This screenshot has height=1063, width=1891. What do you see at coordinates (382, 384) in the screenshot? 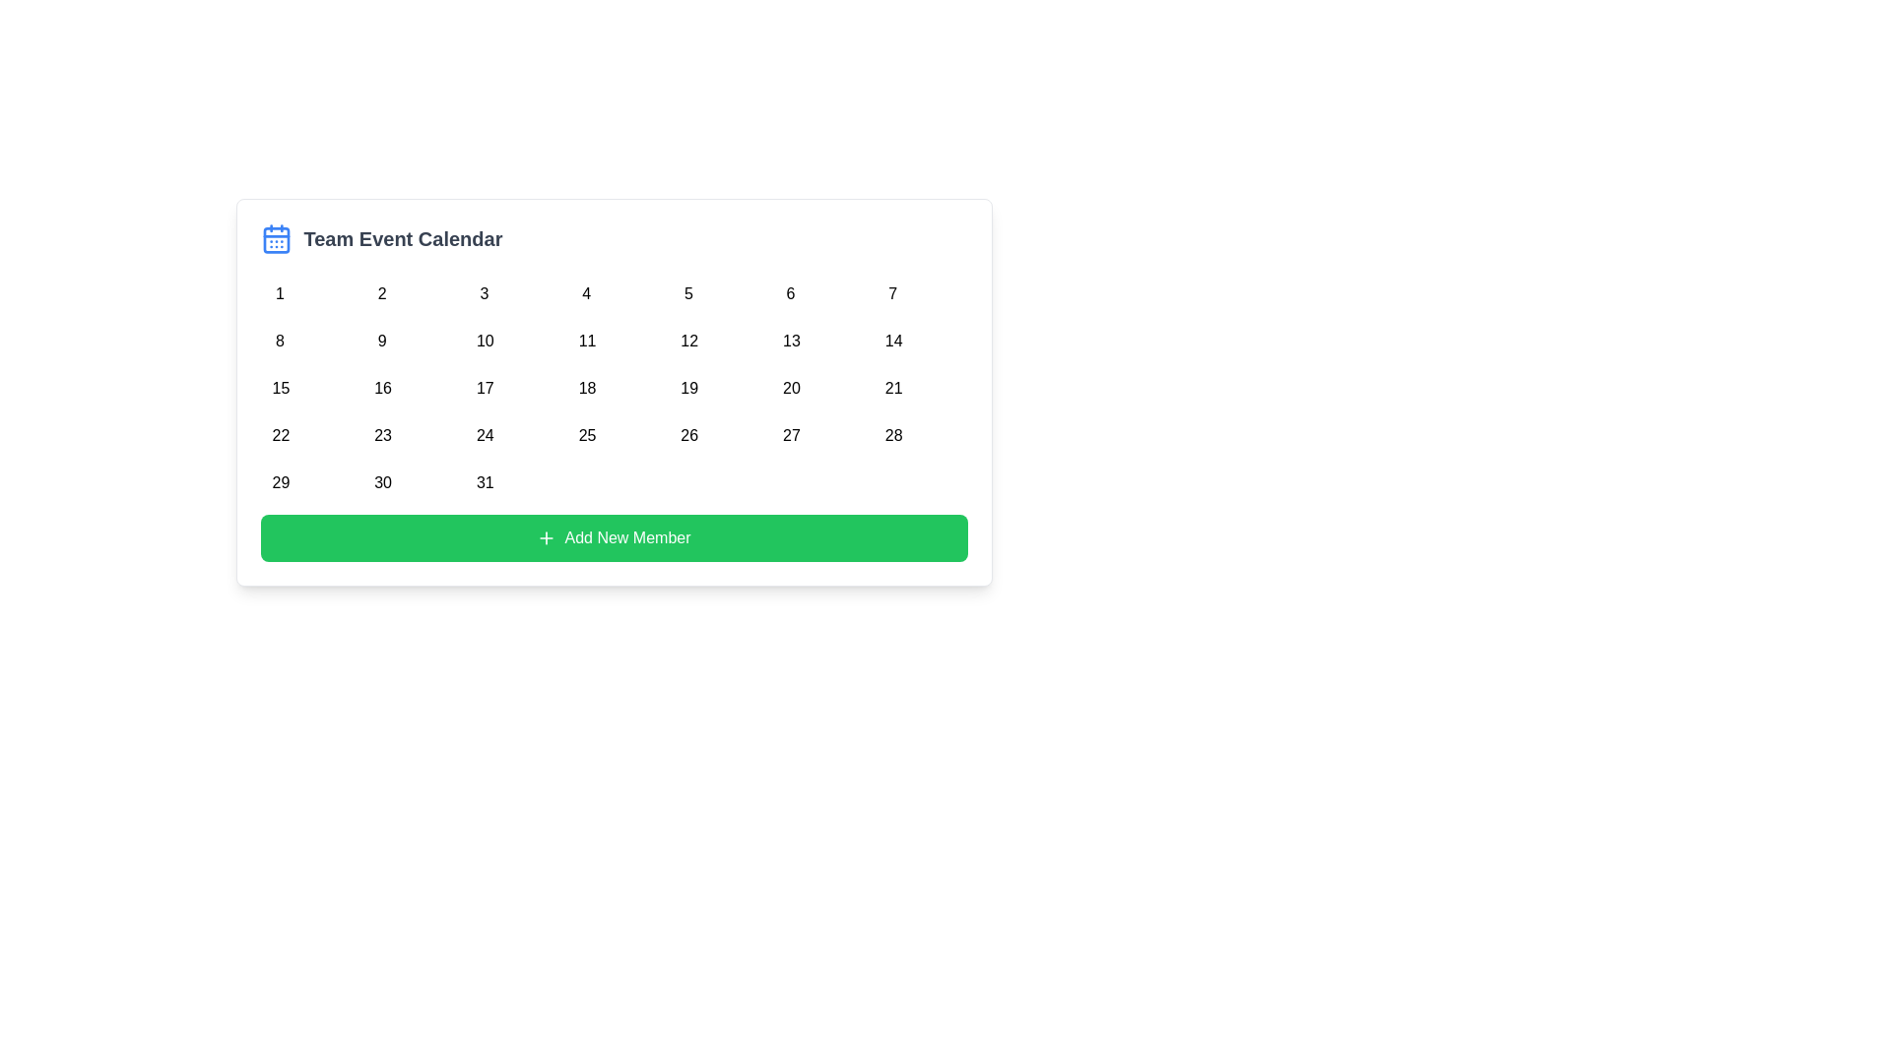
I see `the selectable day button in the monthly calendar interface` at bounding box center [382, 384].